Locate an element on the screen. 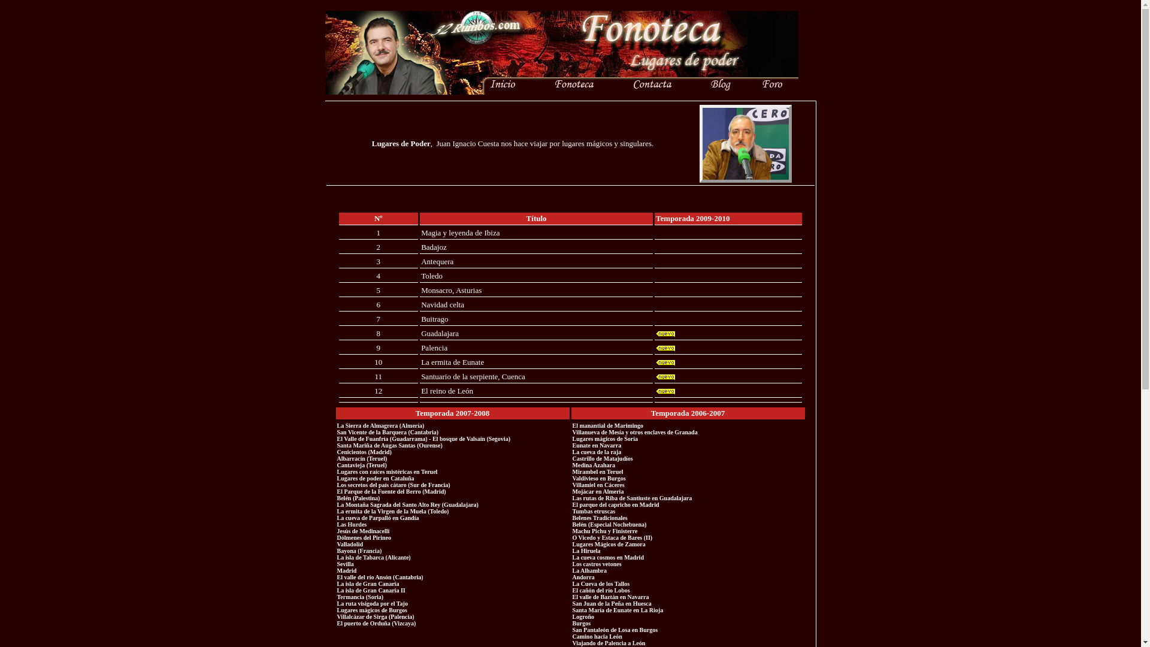 Image resolution: width=1150 pixels, height=647 pixels. 'La Alhambra' is located at coordinates (589, 570).